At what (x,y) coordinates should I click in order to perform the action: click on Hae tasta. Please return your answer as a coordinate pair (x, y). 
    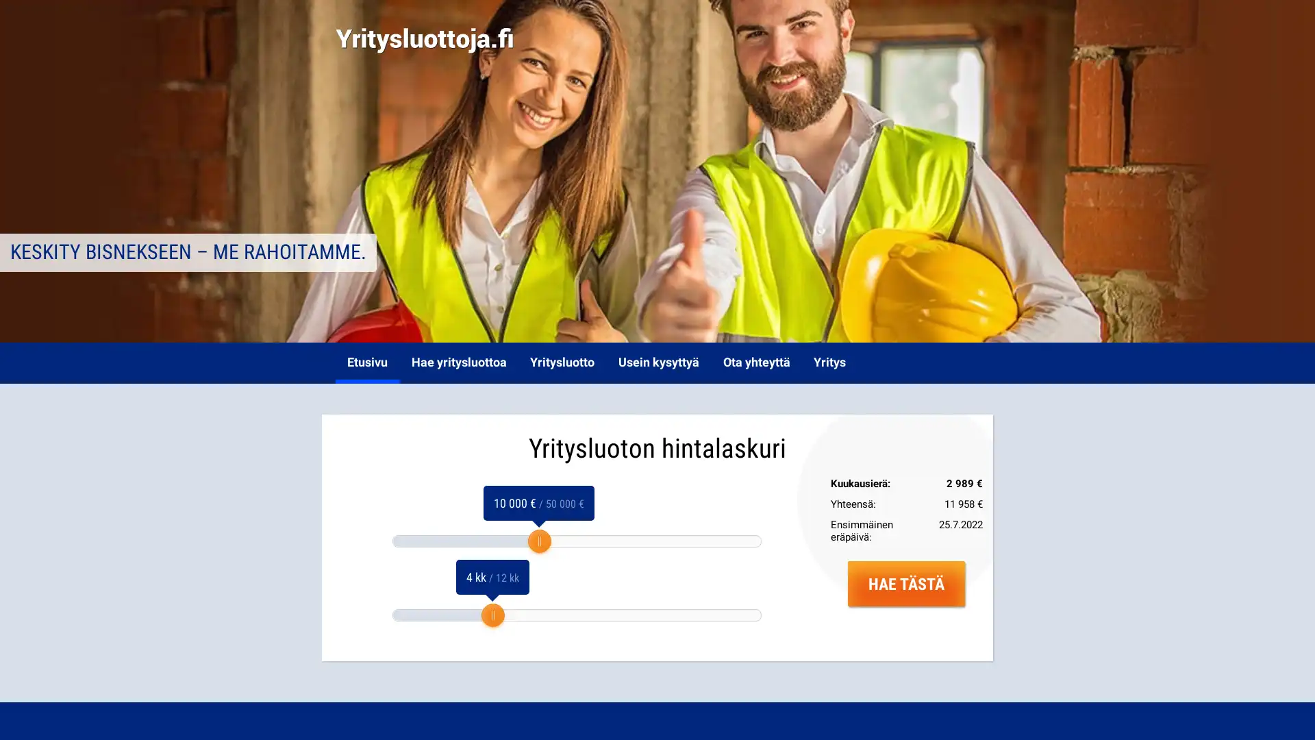
    Looking at the image, I should click on (906, 583).